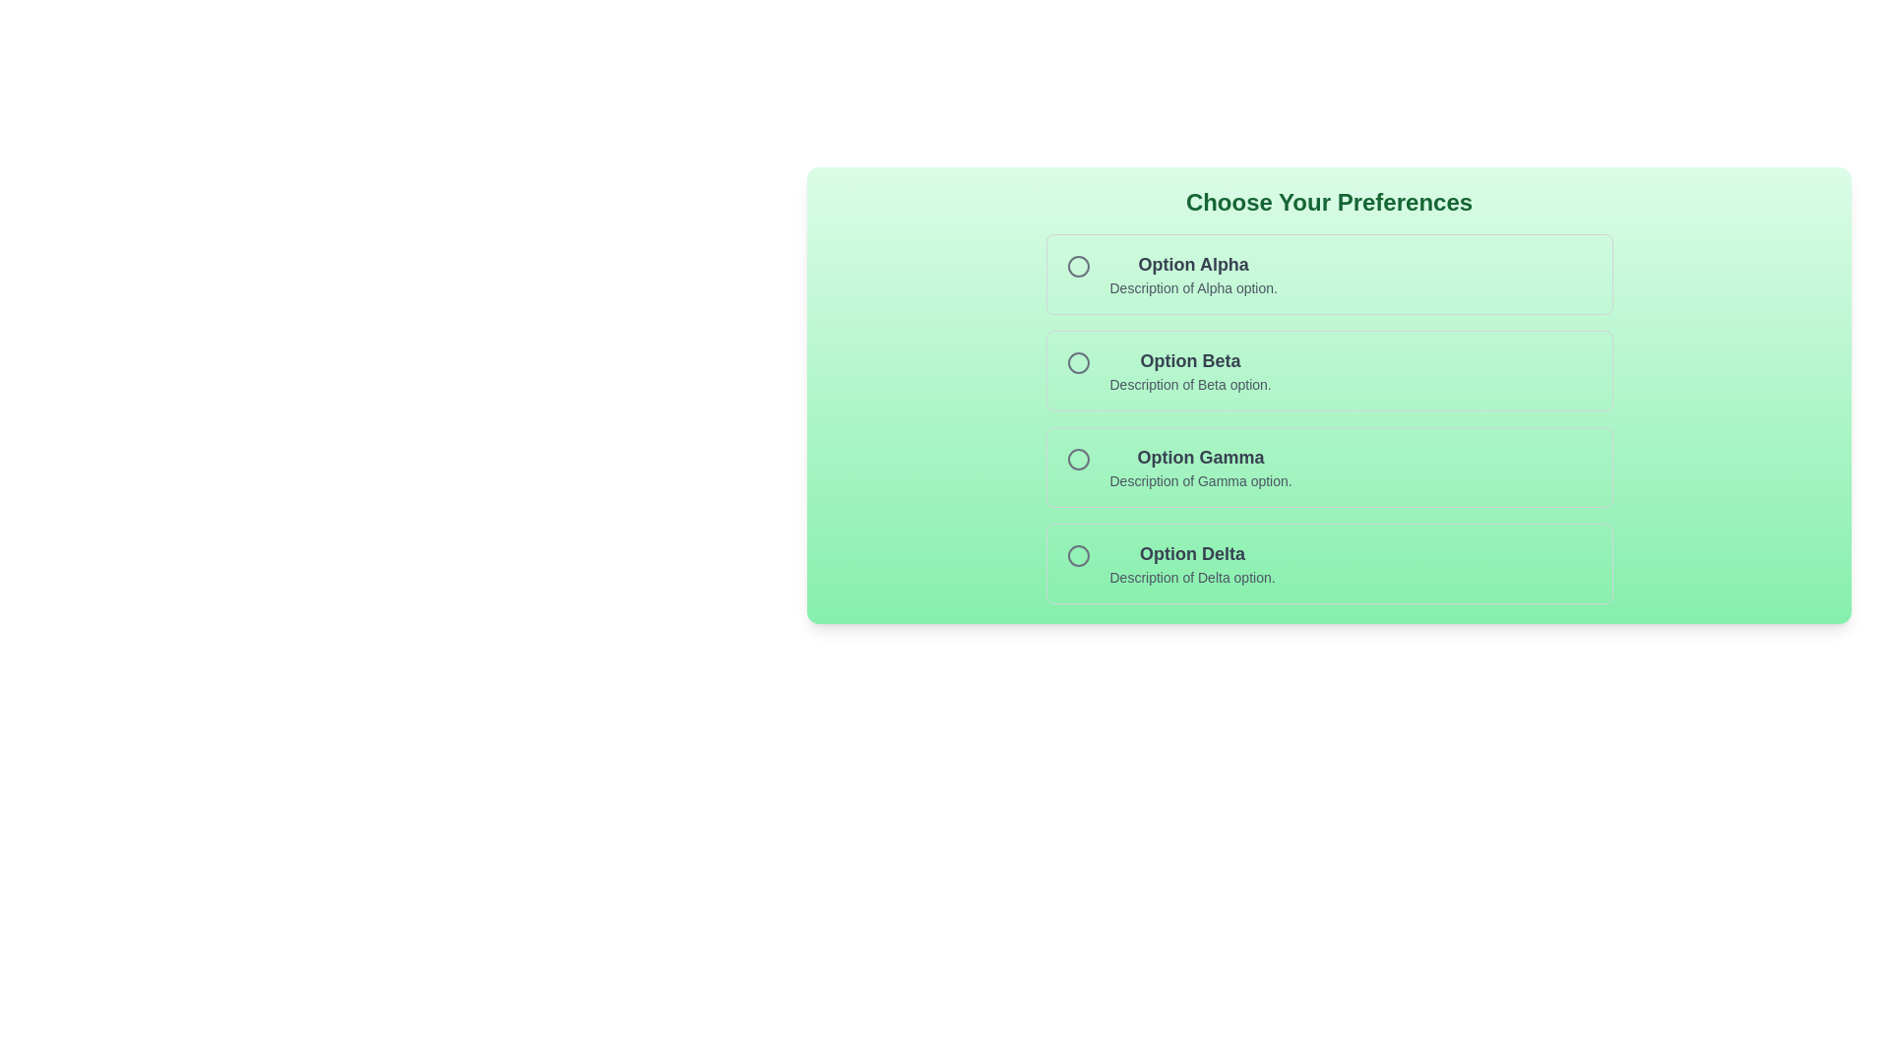  What do you see at coordinates (1077, 266) in the screenshot?
I see `the circular radio button indicator` at bounding box center [1077, 266].